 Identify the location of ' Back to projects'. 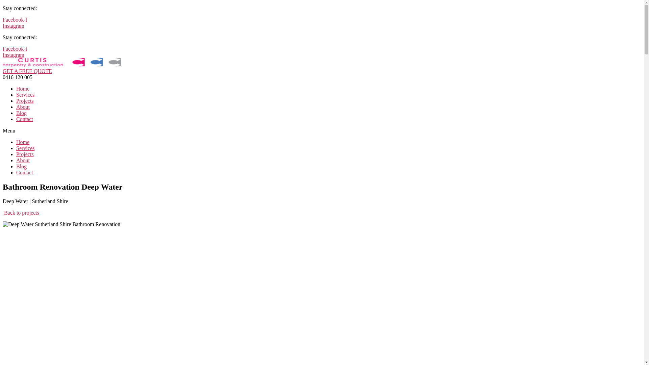
(21, 212).